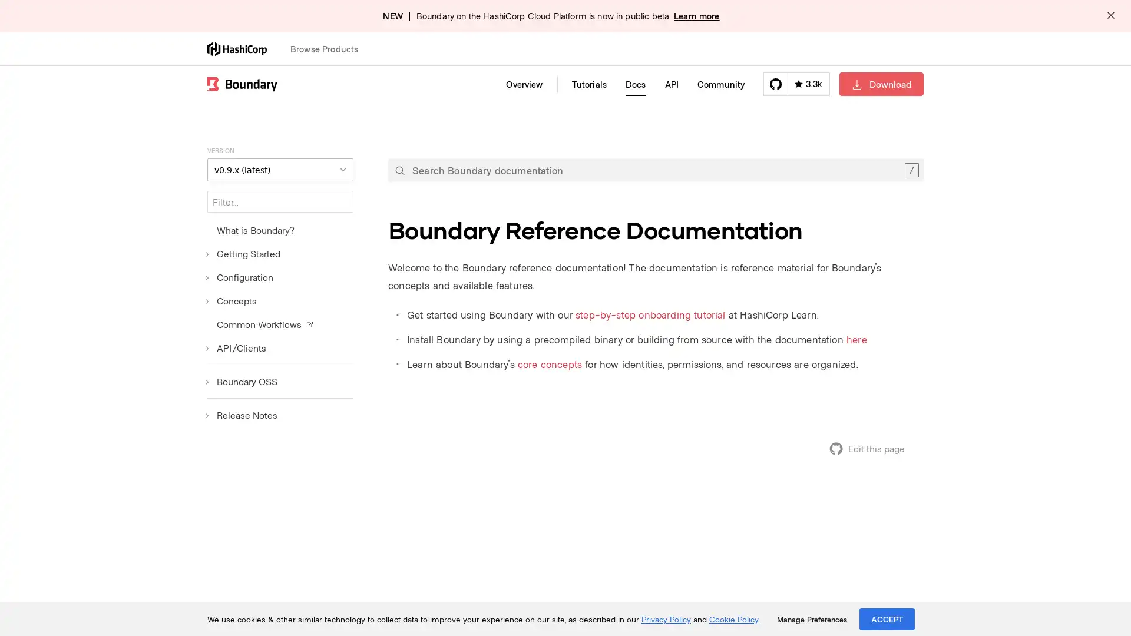 The image size is (1131, 636). Describe the element at coordinates (242, 415) in the screenshot. I see `Release Notes` at that location.